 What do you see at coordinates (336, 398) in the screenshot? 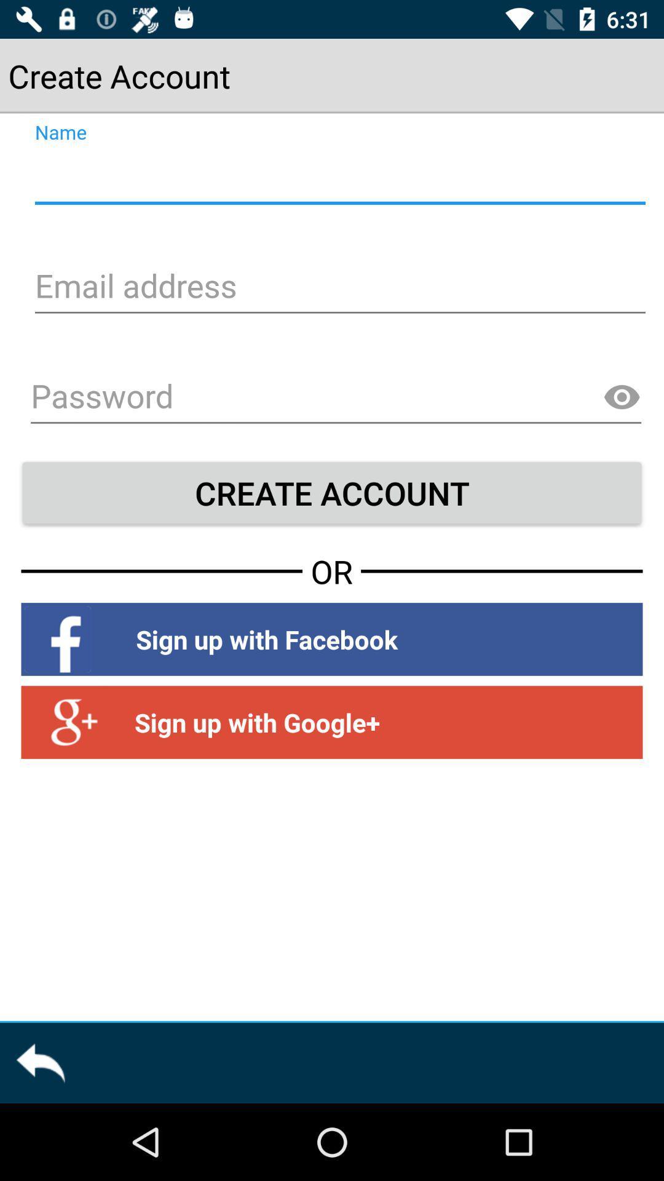
I see `password` at bounding box center [336, 398].